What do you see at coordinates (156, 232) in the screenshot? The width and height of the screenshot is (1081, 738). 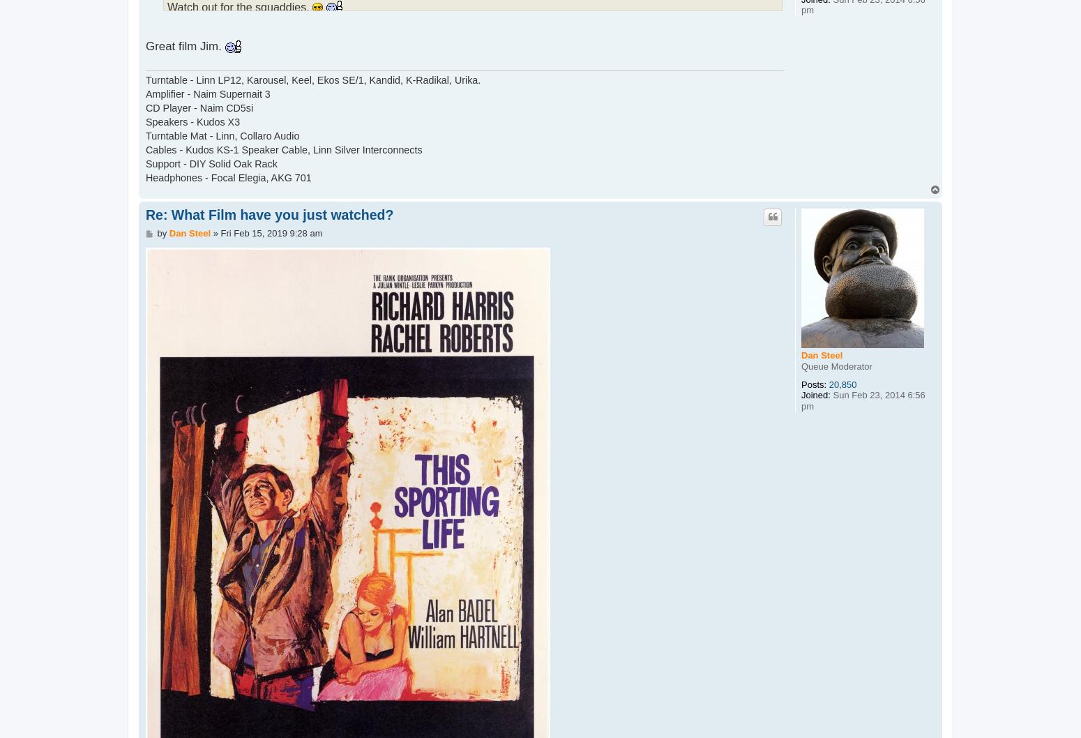 I see `'by'` at bounding box center [156, 232].